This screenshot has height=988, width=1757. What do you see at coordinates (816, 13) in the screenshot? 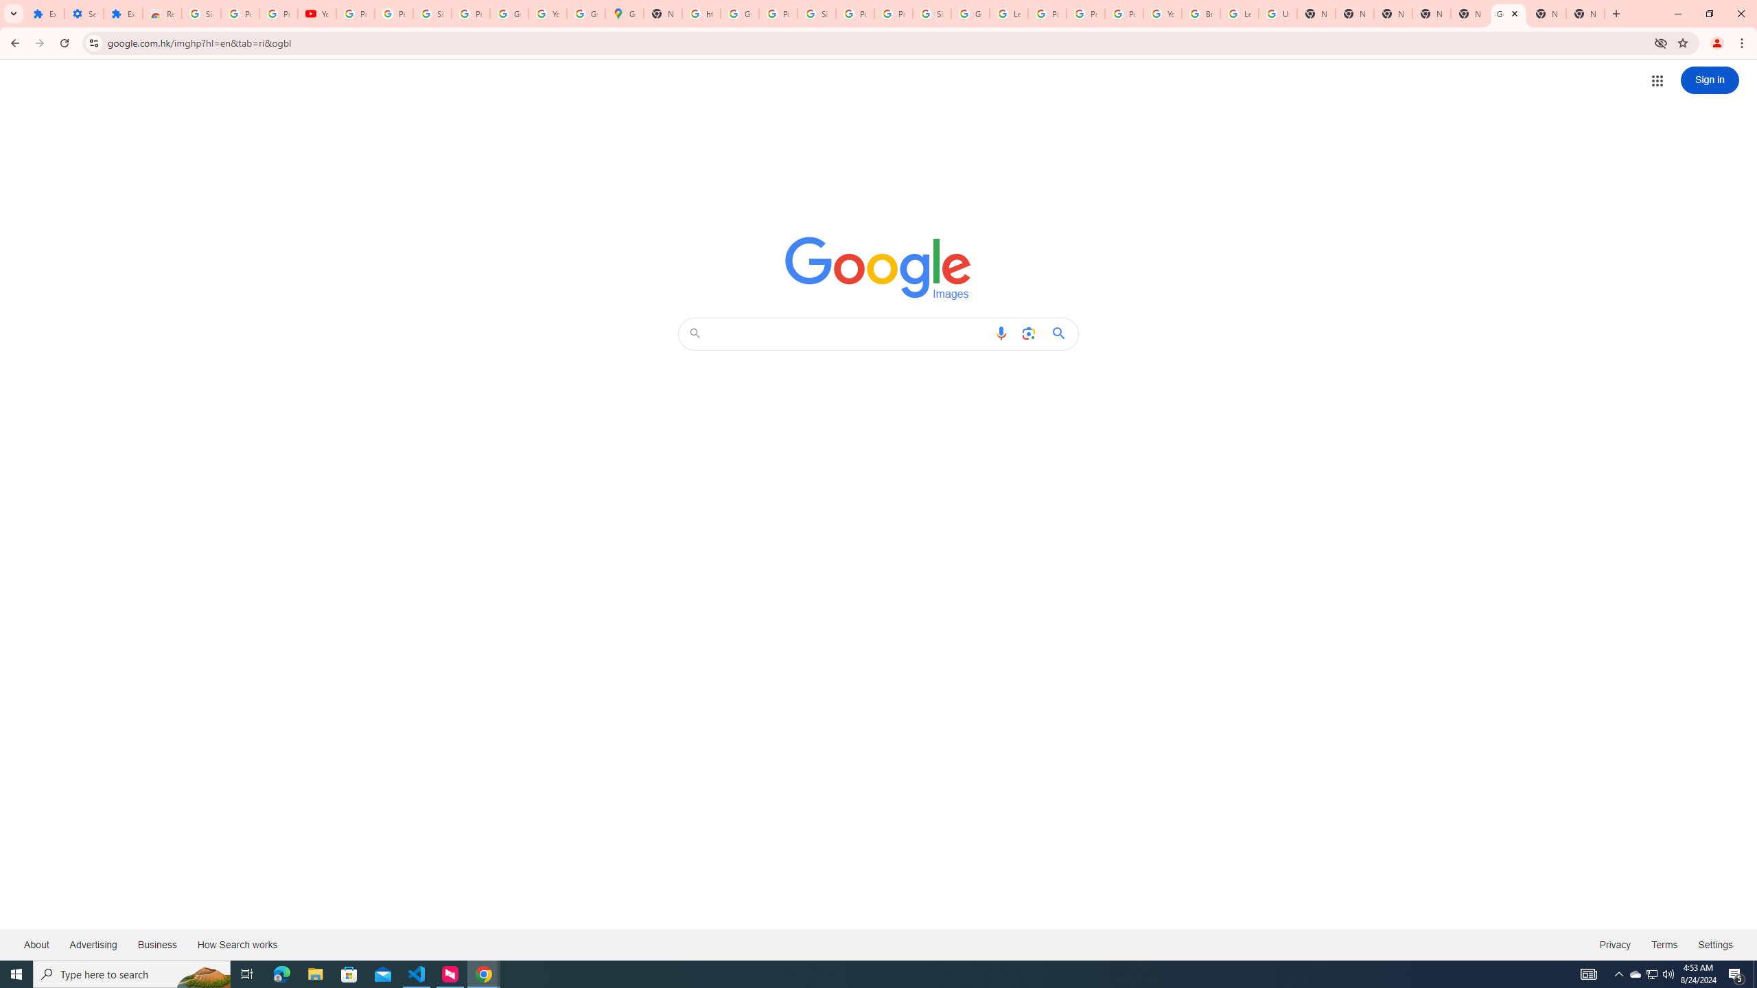
I see `'Sign in - Google Accounts'` at bounding box center [816, 13].